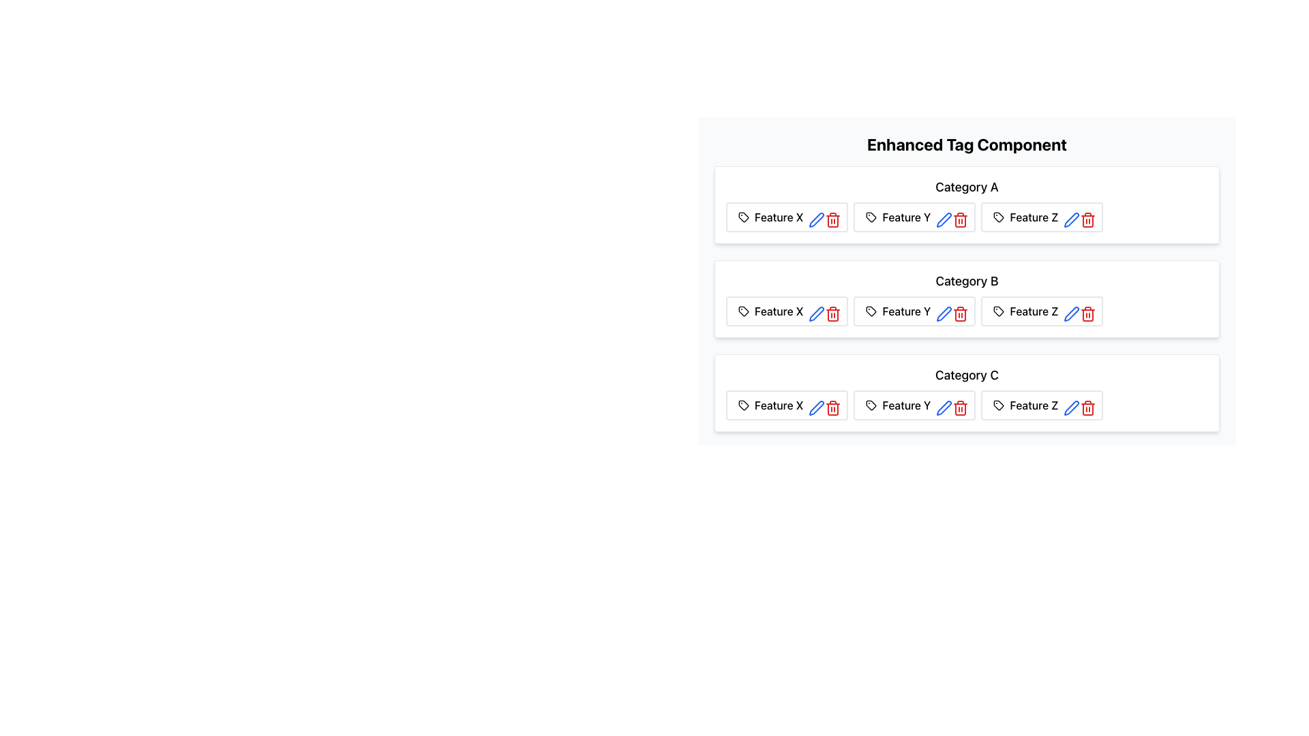 Image resolution: width=1309 pixels, height=736 pixels. I want to click on the trash bin icon styled button, located within the 'Feature X' group under 'Category A', to change its color to dark red, so click(830, 311).